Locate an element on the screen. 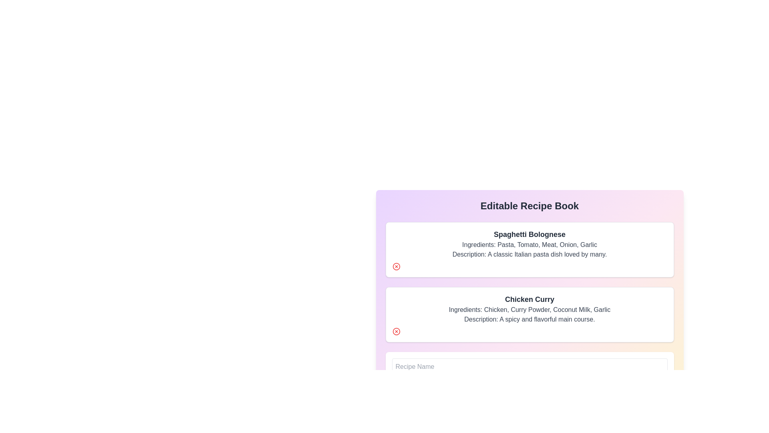  the title of the Chicken Curry recipe card, which is the second card in a vertical stack of two recipe cards is located at coordinates (529, 314).